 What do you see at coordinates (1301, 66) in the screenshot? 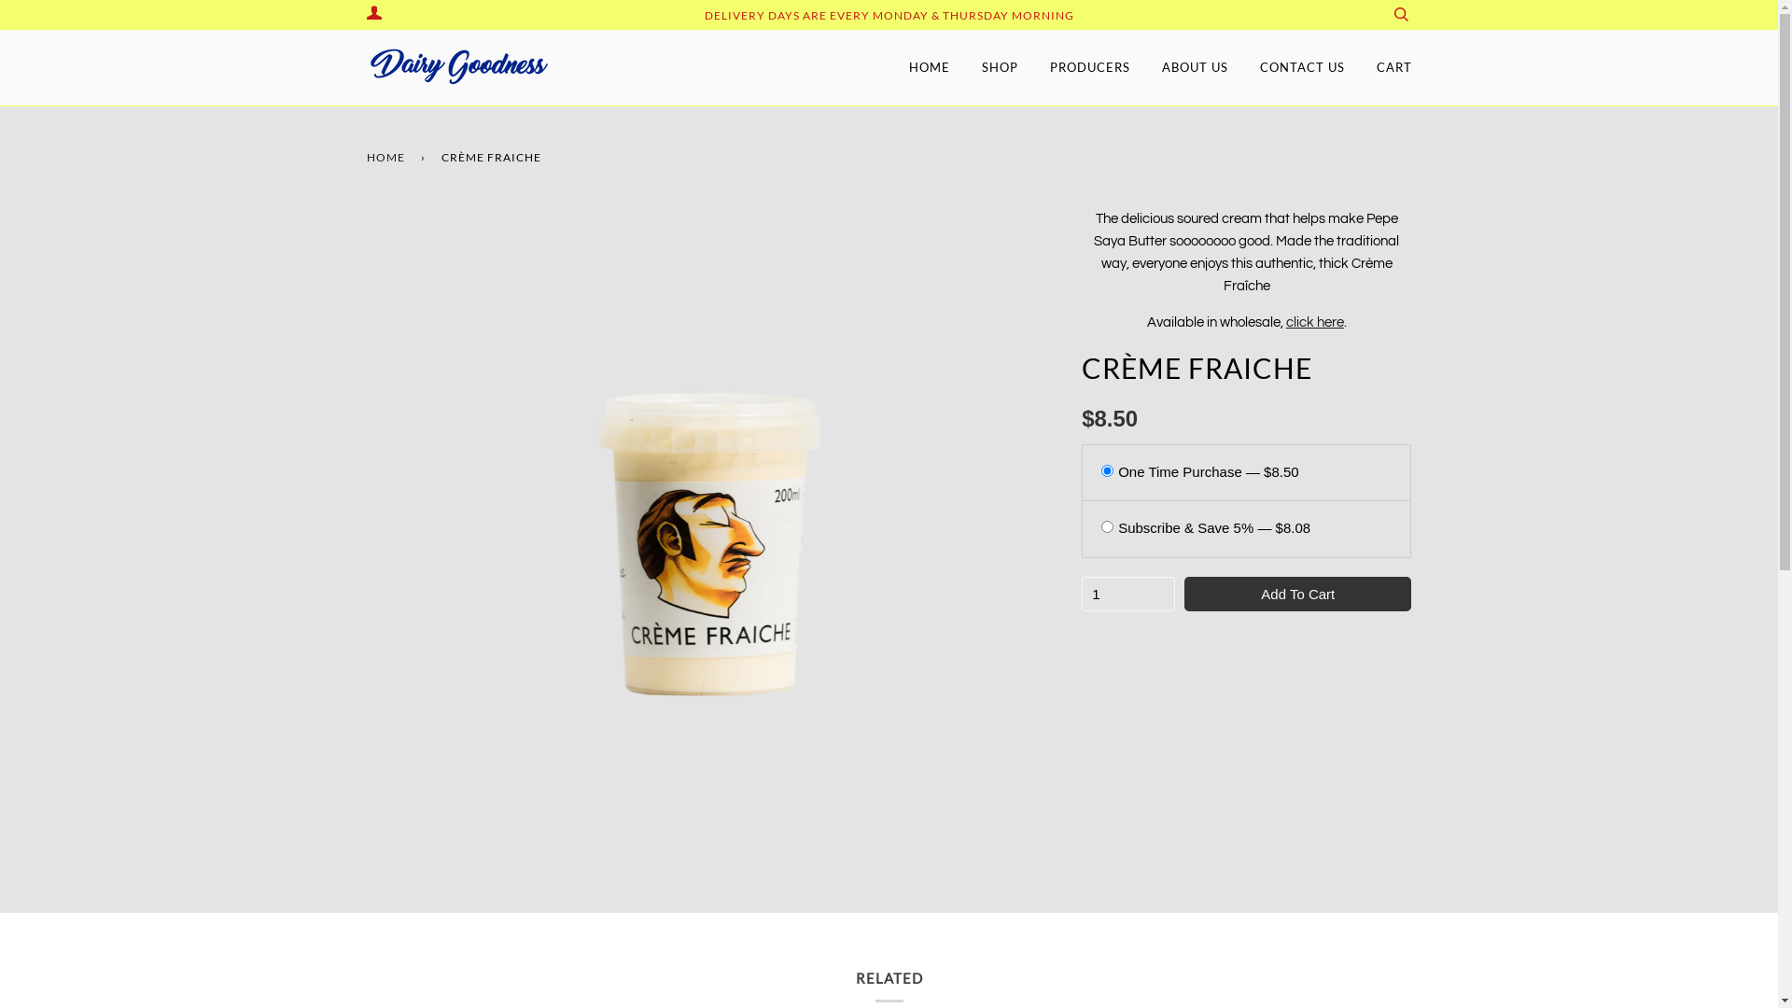
I see `'CONTACT US'` at bounding box center [1301, 66].